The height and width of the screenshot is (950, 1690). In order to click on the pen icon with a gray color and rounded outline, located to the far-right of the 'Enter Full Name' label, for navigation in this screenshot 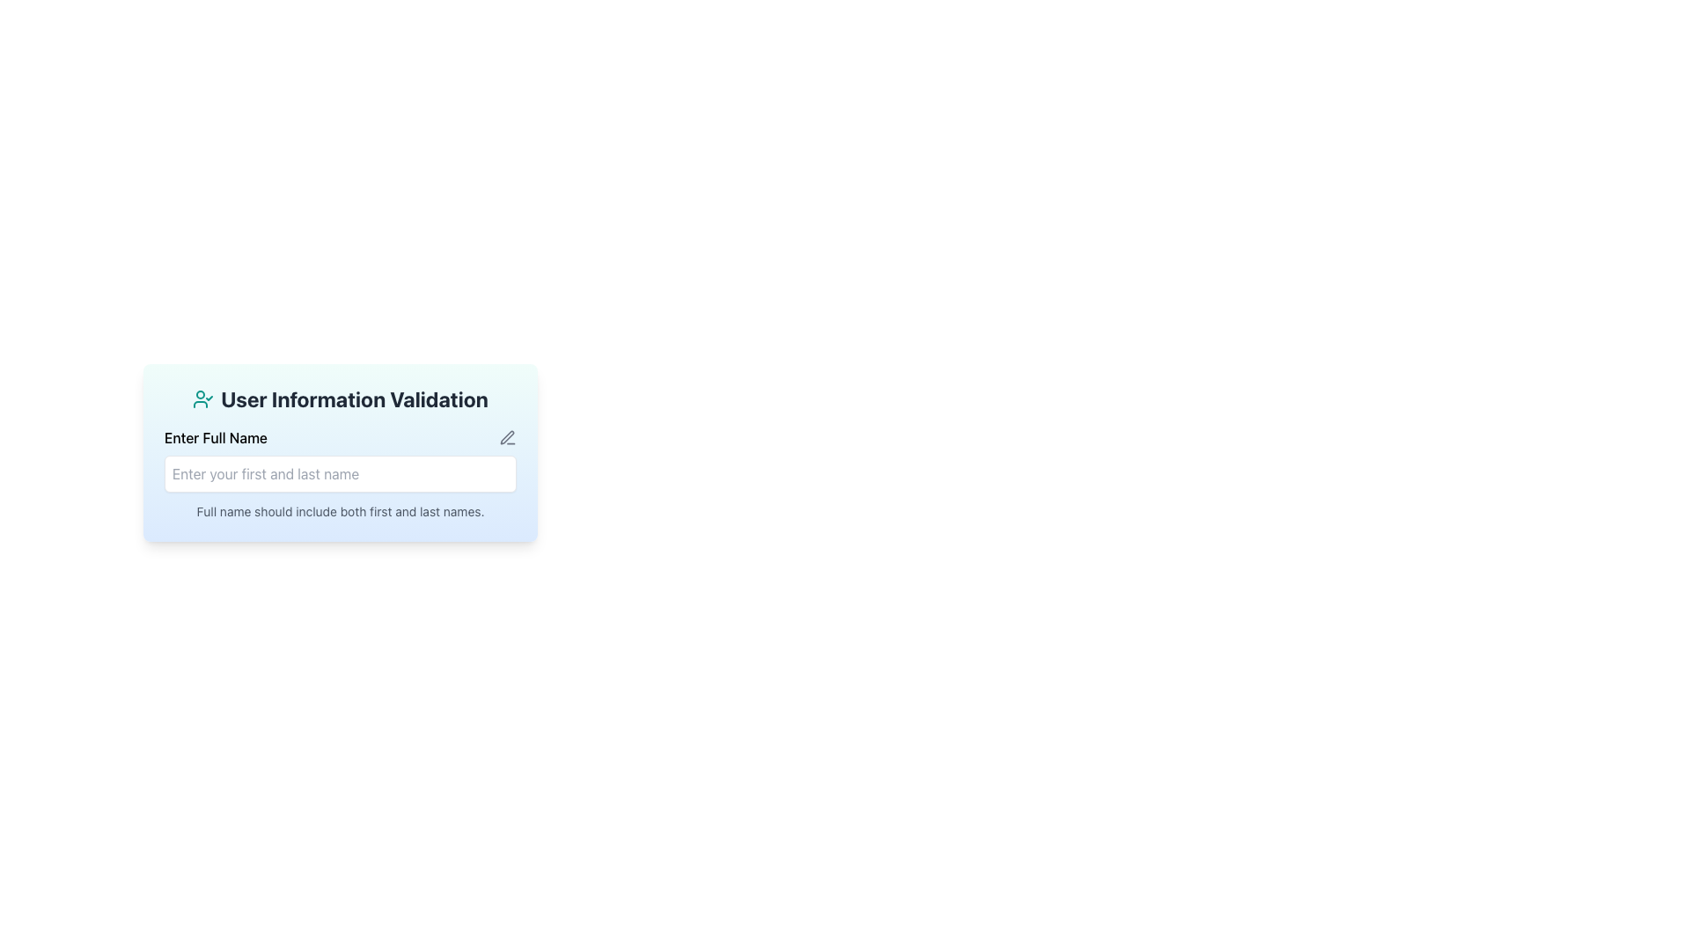, I will do `click(506, 436)`.